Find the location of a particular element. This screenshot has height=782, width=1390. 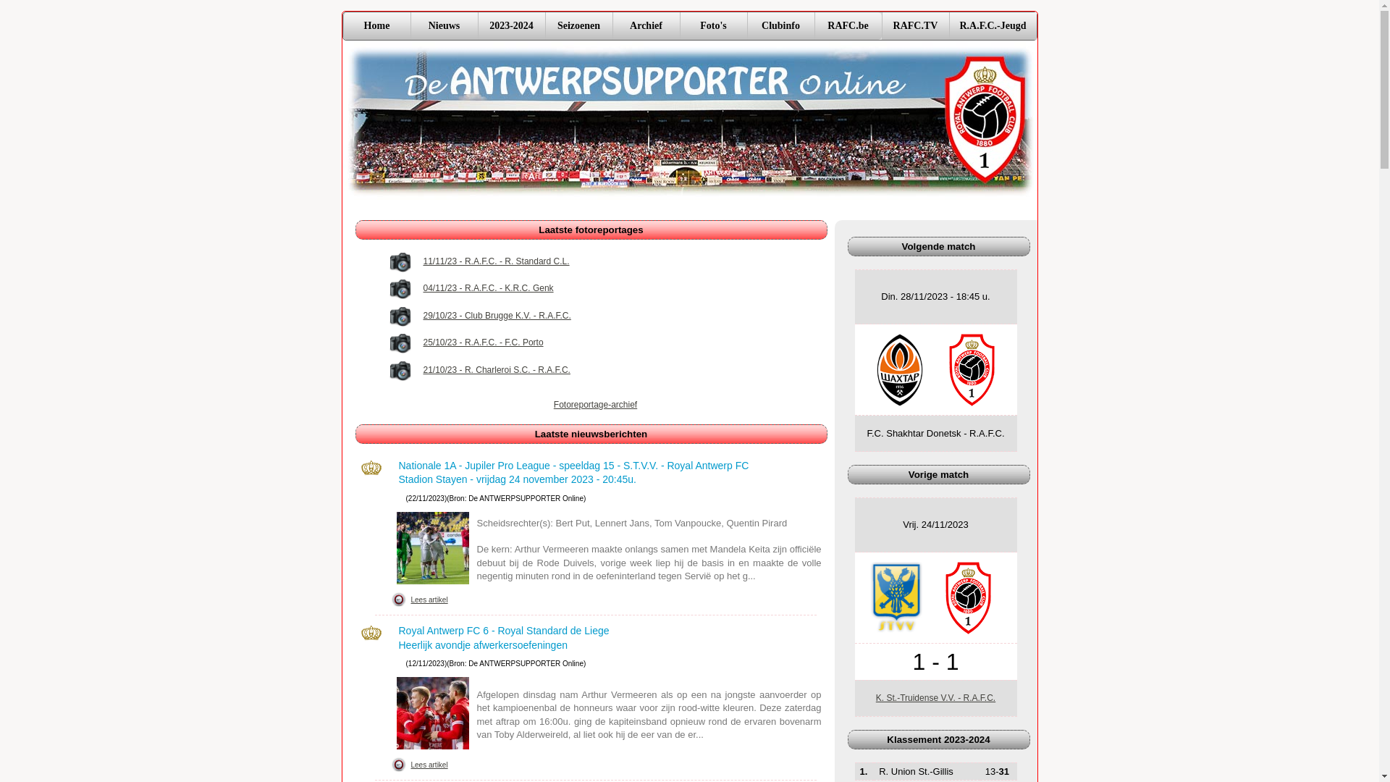

'Lees artikel' is located at coordinates (405, 764).